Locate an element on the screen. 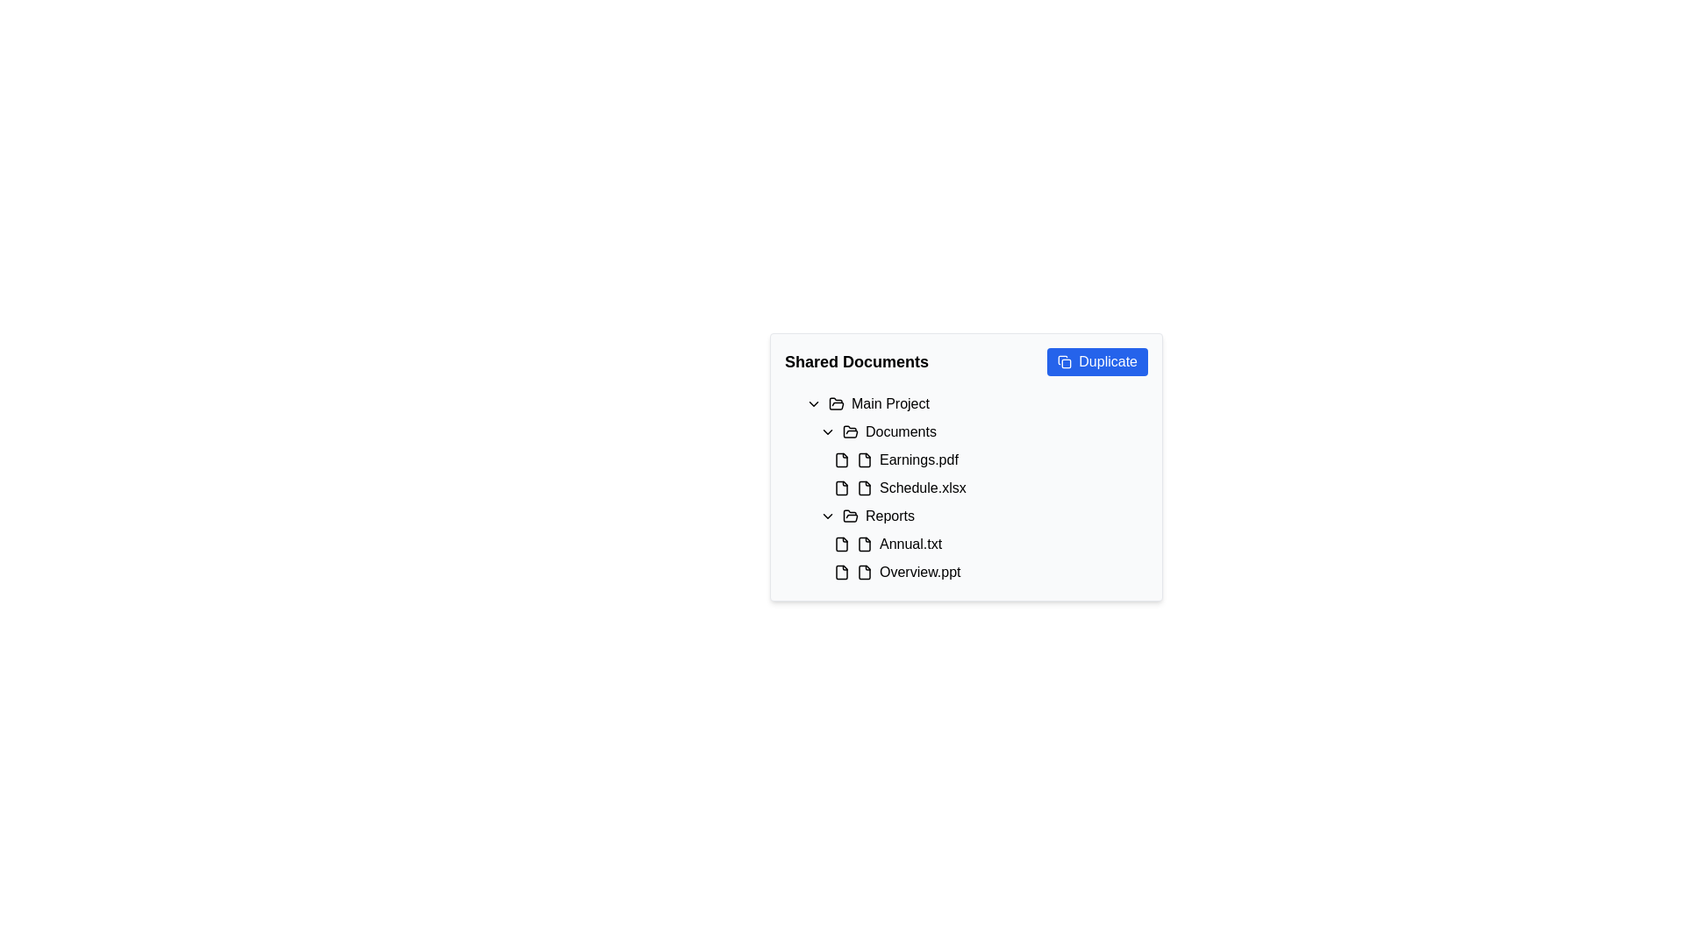  the visual representation of the 'Annual.txt' file icon located in the 'Reports' section of the 'Shared Documents' interface is located at coordinates (842, 544).